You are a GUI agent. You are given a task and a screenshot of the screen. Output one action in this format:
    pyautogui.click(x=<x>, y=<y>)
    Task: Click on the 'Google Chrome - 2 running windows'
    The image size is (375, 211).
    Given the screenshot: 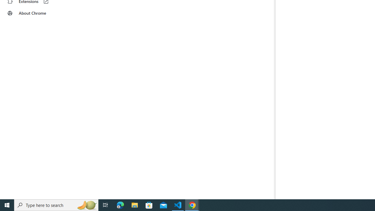 What is the action you would take?
    pyautogui.click(x=192, y=205)
    